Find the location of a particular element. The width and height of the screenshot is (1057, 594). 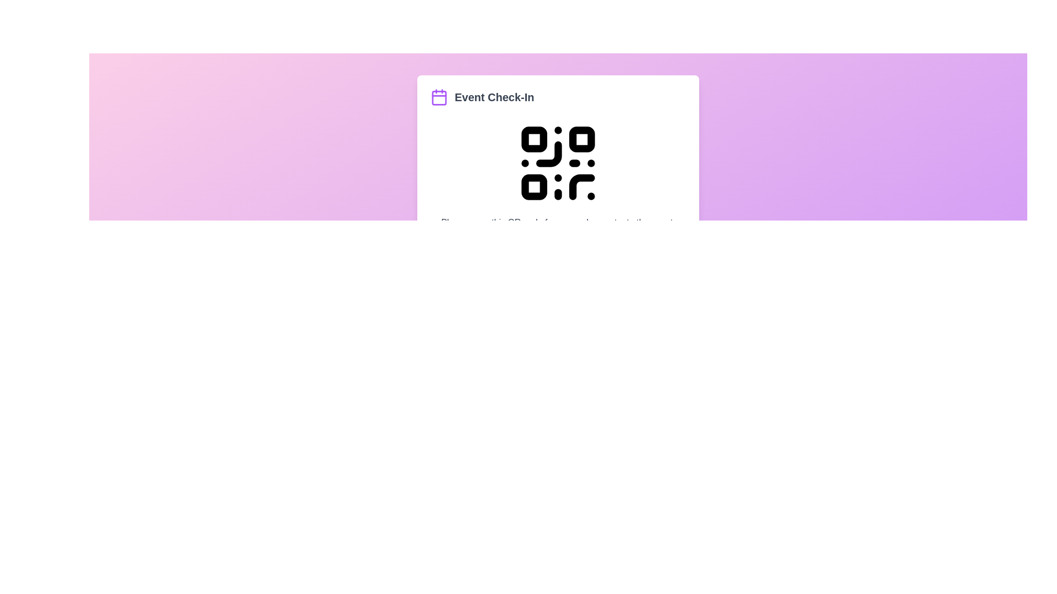

text label displaying 'Event Check-In' which is styled in dark gray and bold font, located within a purple-themed card layout is located at coordinates (494, 97).